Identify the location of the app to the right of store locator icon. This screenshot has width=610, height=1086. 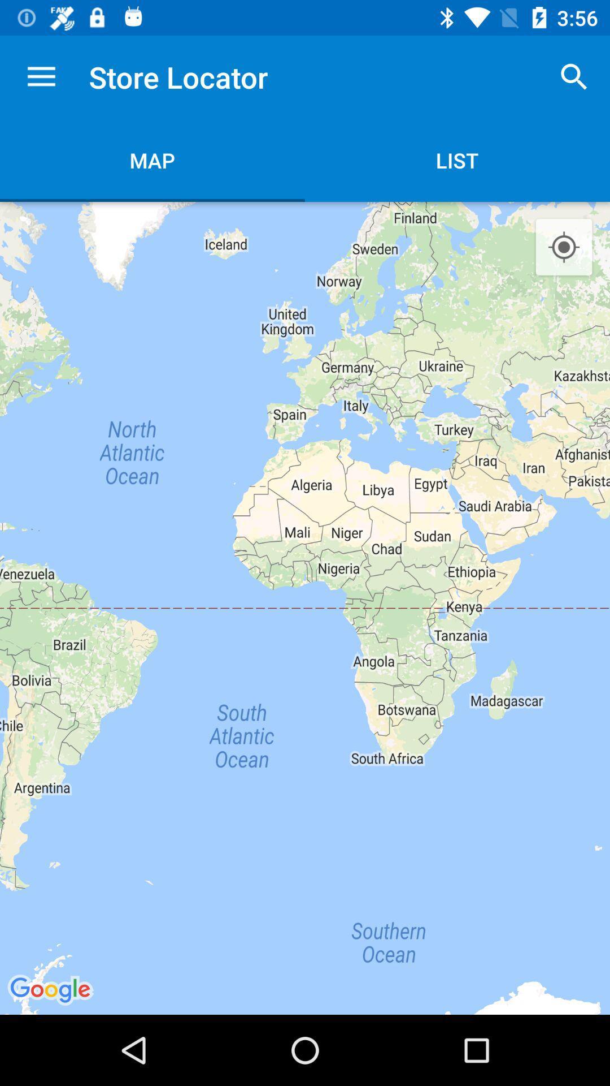
(574, 76).